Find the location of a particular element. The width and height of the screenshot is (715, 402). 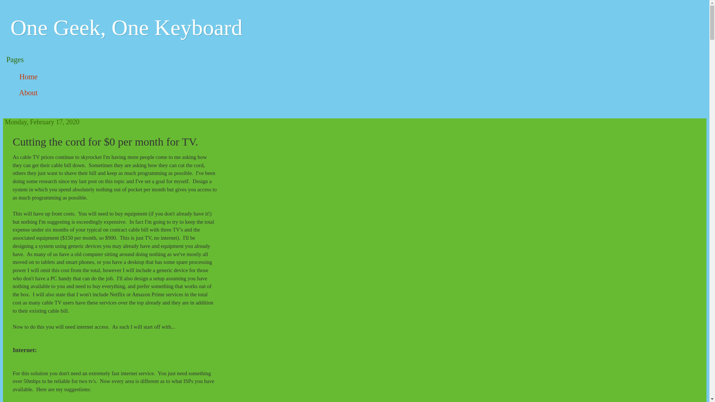

'One Geek, One Keyboard' is located at coordinates (126, 27).